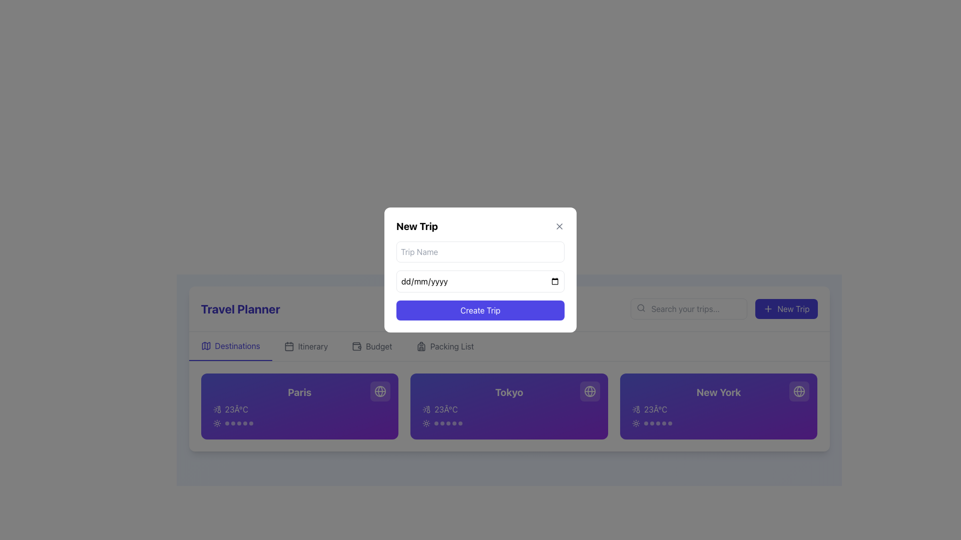 The height and width of the screenshot is (540, 961). Describe the element at coordinates (656, 409) in the screenshot. I see `temperature value displayed in the text label located to the right of the thermometer icon in the 'New York' destination card header` at that location.